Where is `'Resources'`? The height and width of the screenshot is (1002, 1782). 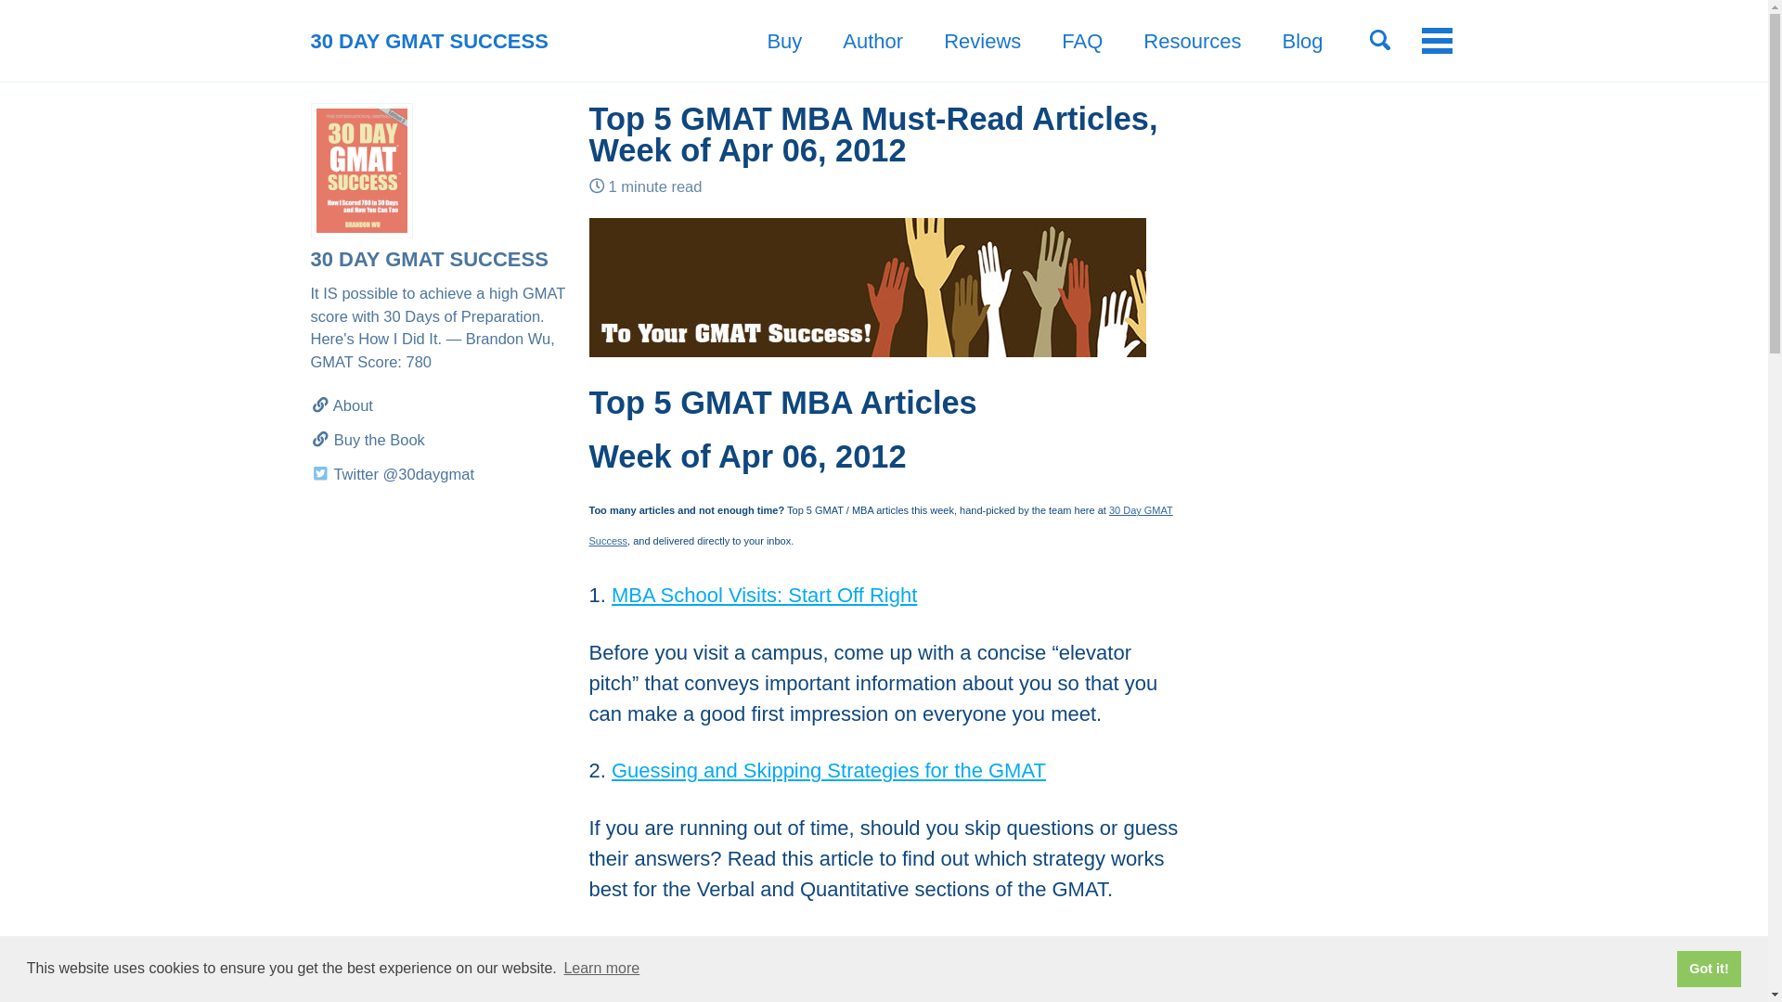 'Resources' is located at coordinates (1192, 41).